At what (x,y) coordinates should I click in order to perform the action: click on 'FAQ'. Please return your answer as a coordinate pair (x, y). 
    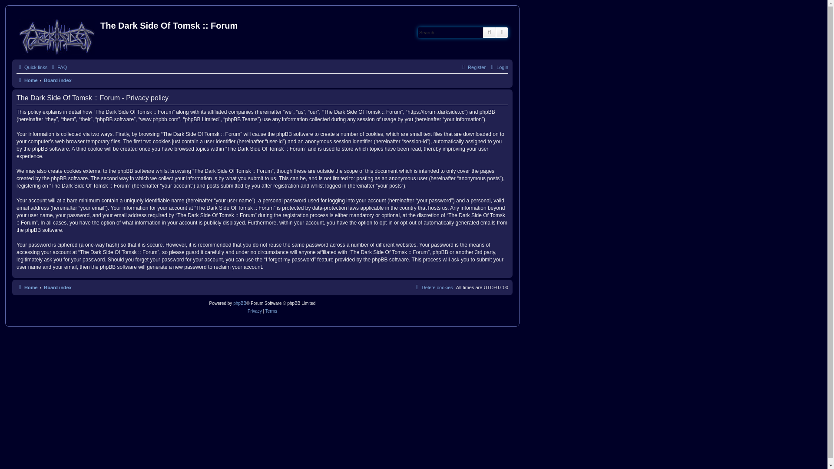
    Looking at the image, I should click on (58, 66).